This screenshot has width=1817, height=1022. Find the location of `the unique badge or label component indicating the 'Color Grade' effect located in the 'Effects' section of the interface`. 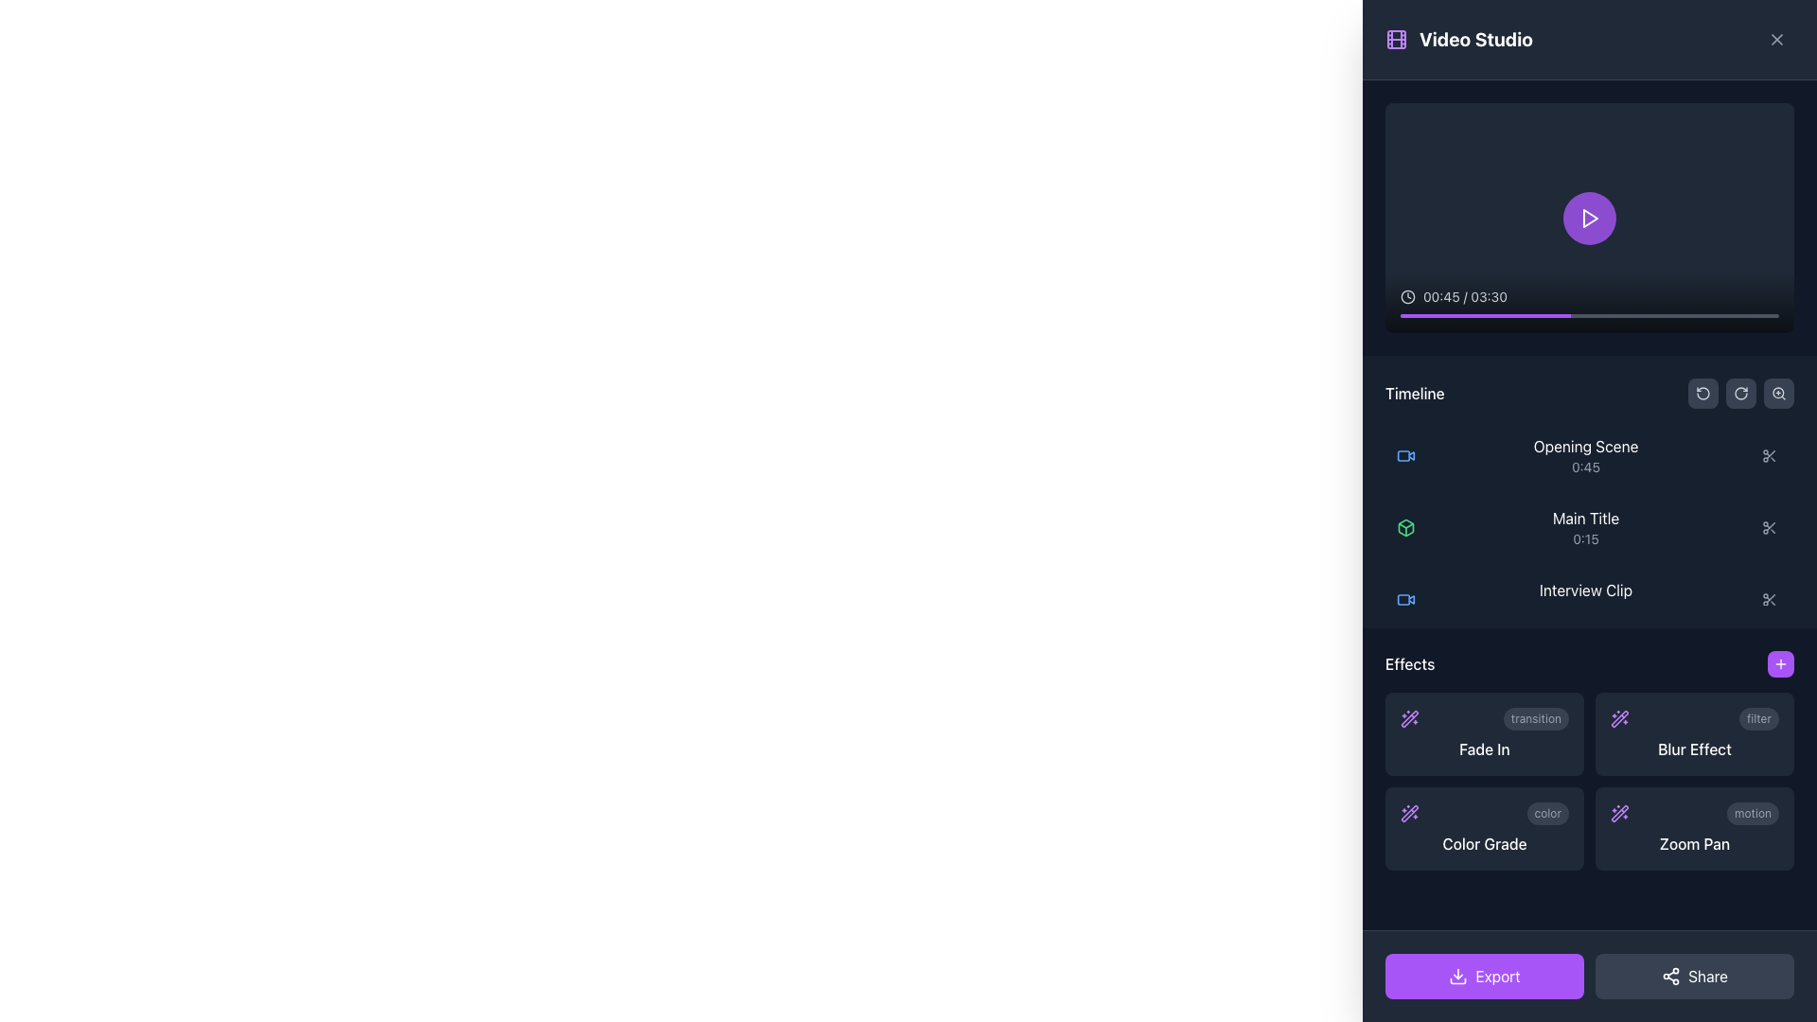

the unique badge or label component indicating the 'Color Grade' effect located in the 'Effects' section of the interface is located at coordinates (1547, 813).